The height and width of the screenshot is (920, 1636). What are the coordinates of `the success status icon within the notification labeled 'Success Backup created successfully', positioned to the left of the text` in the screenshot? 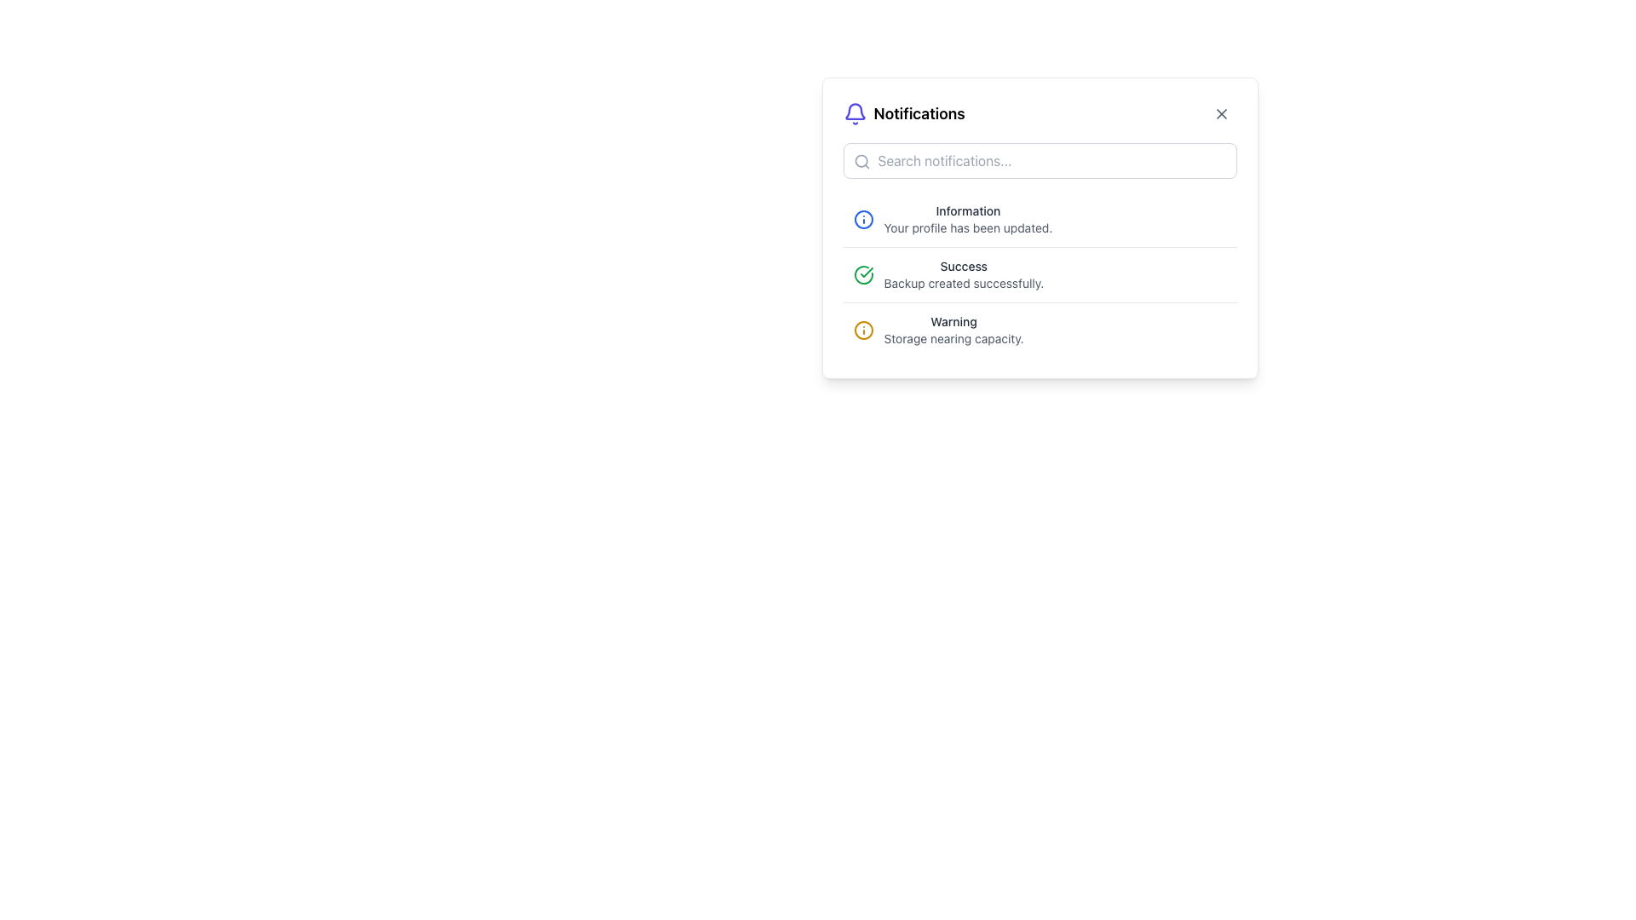 It's located at (863, 274).